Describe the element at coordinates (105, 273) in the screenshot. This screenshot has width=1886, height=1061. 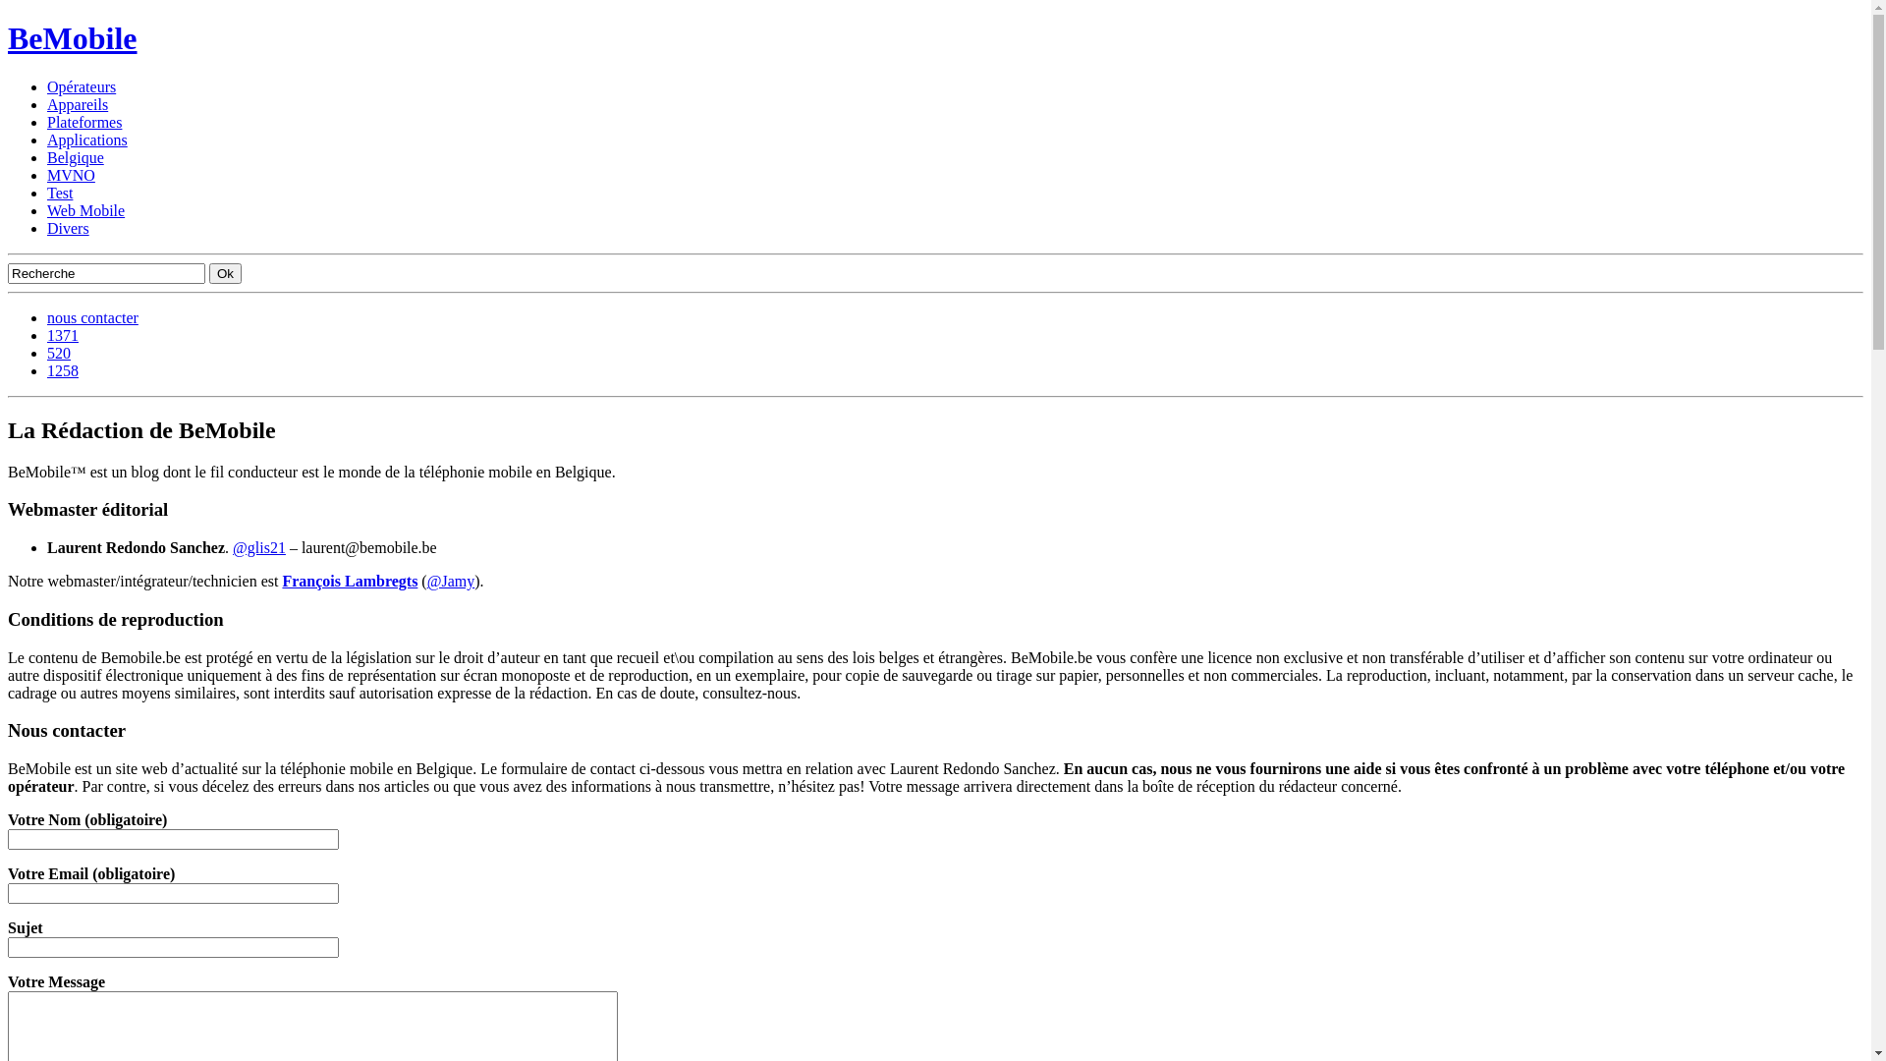
I see `'Votre recherche'` at that location.